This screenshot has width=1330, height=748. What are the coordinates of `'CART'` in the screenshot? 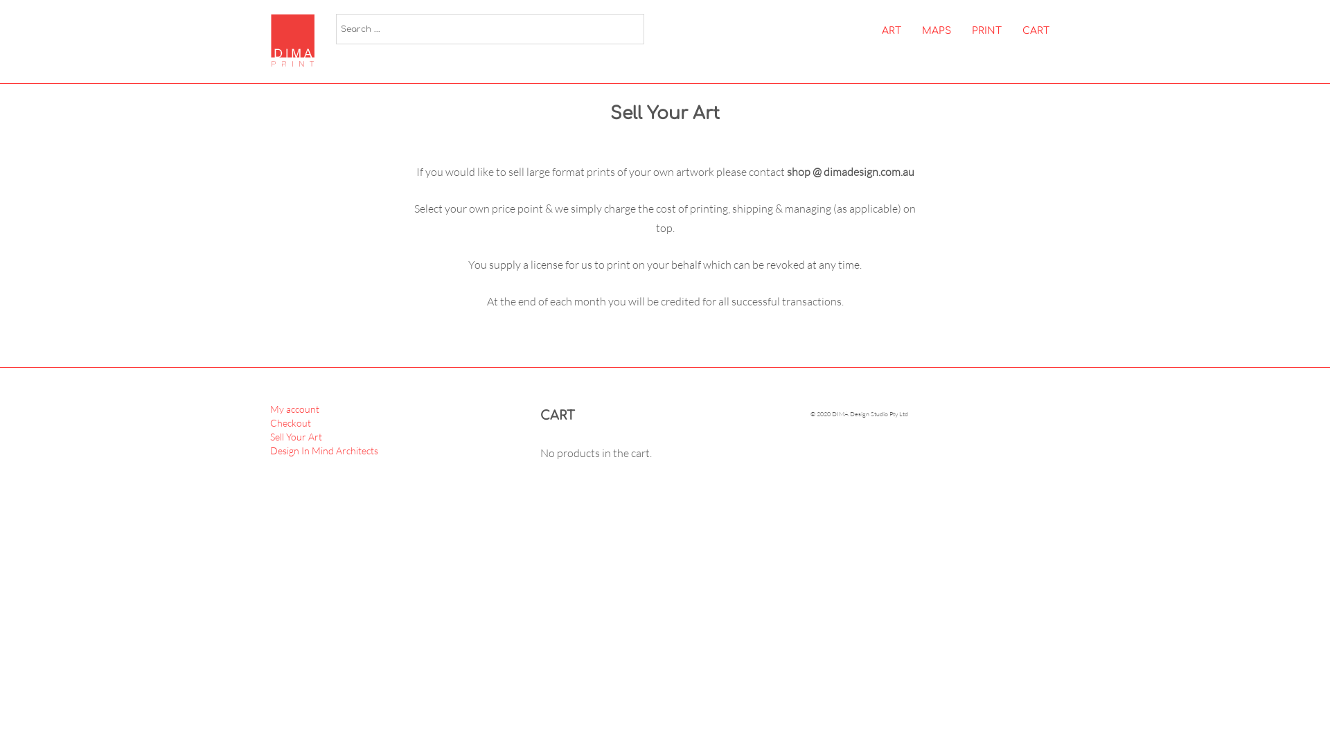 It's located at (1036, 31).